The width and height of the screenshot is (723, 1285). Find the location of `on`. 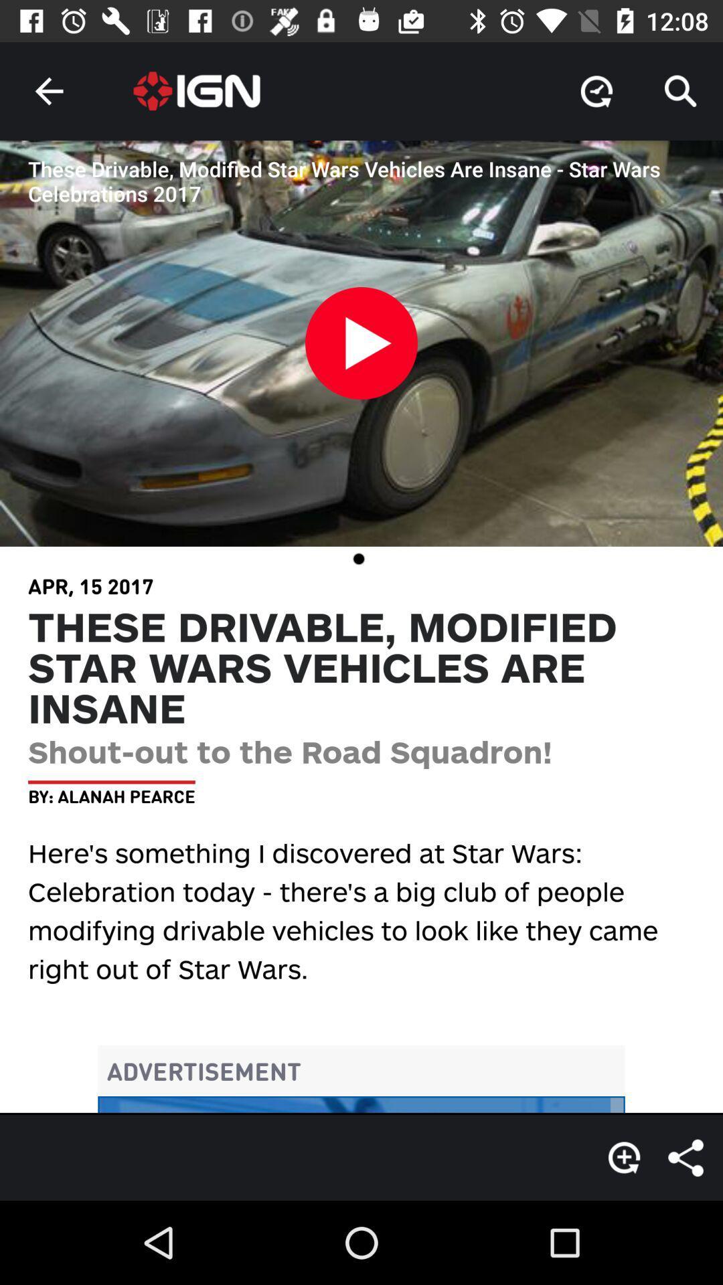

on is located at coordinates (361, 350).